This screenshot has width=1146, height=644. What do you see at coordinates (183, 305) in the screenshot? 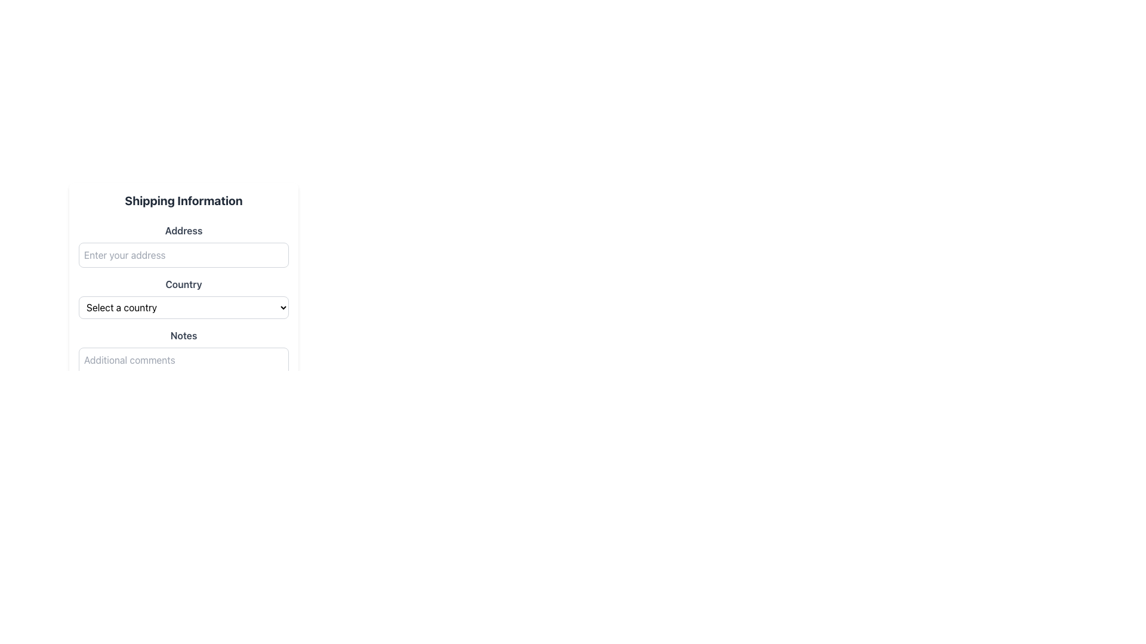
I see `the 'Country' dropdown menu element in the 'Shipping Information' section, which is styled with a light border and displays 'Select a country'` at bounding box center [183, 305].